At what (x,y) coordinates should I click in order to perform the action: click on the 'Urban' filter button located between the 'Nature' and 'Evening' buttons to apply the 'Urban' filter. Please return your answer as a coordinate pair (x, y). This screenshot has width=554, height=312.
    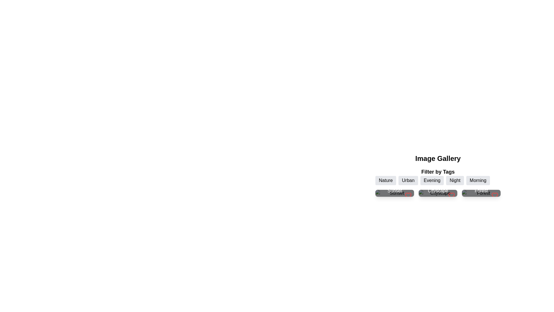
    Looking at the image, I should click on (408, 180).